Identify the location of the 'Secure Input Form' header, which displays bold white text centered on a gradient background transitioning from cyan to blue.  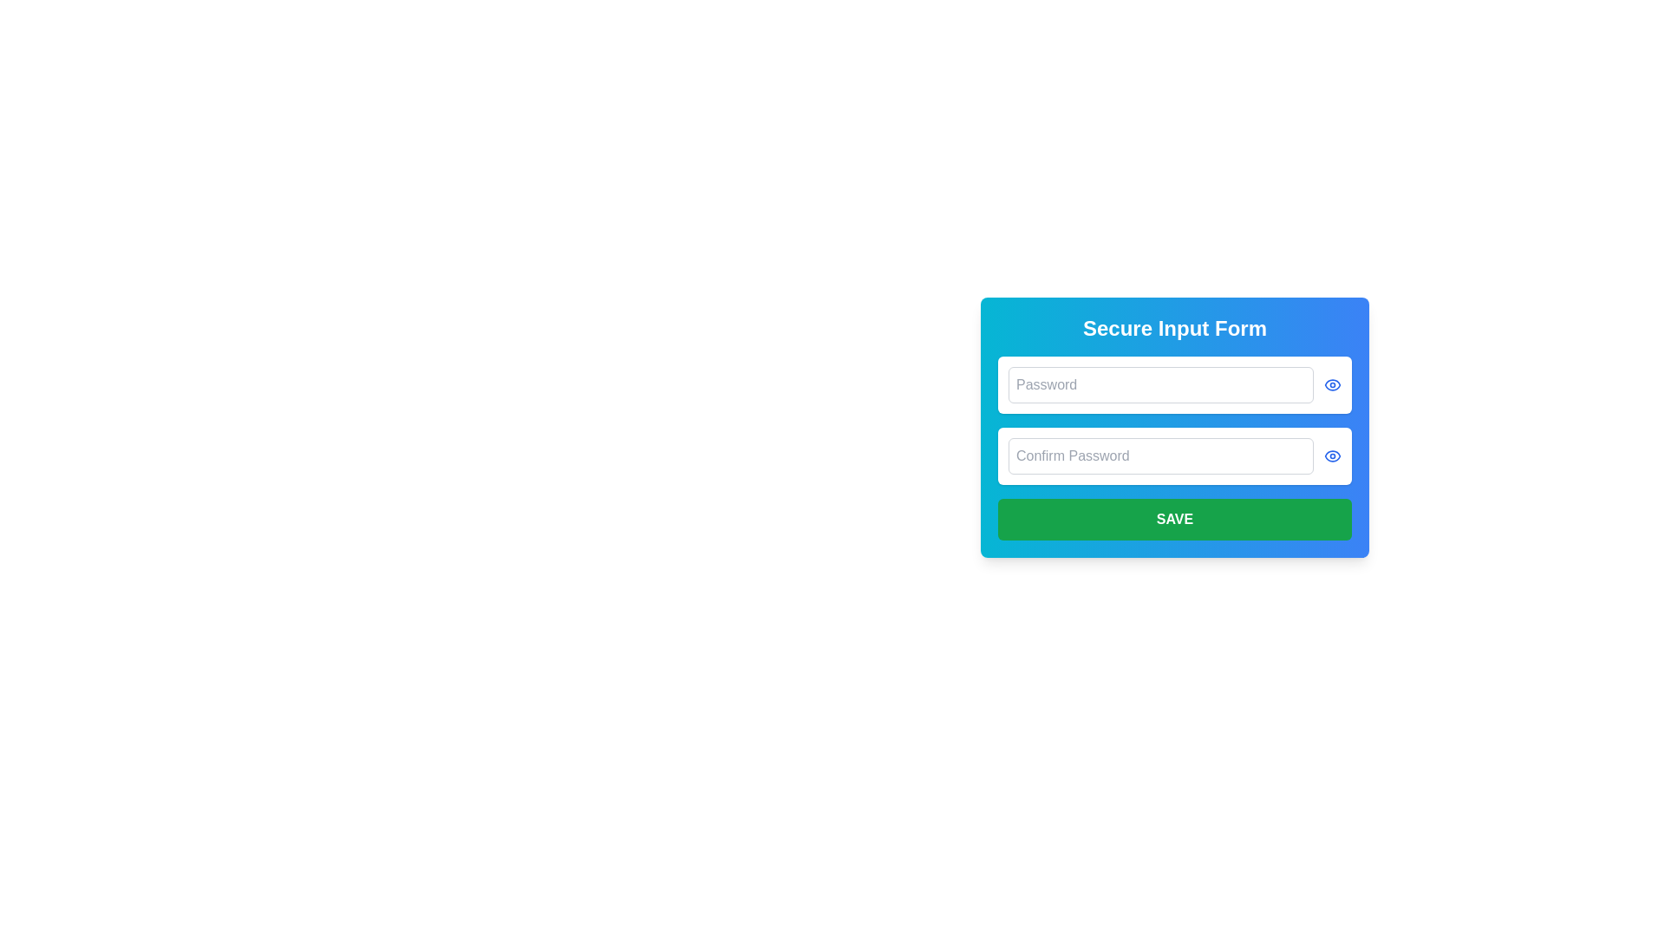
(1174, 328).